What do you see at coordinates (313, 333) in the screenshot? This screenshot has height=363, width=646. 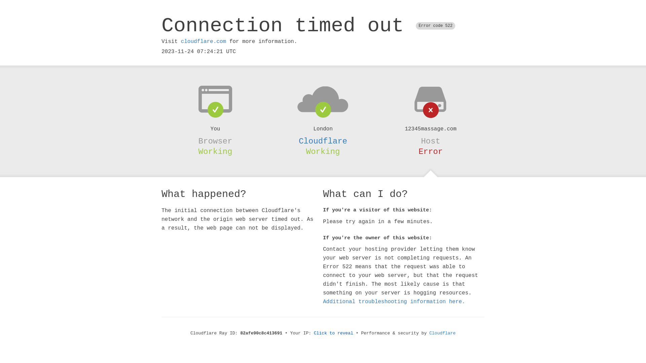 I see `'Click to reveal'` at bounding box center [313, 333].